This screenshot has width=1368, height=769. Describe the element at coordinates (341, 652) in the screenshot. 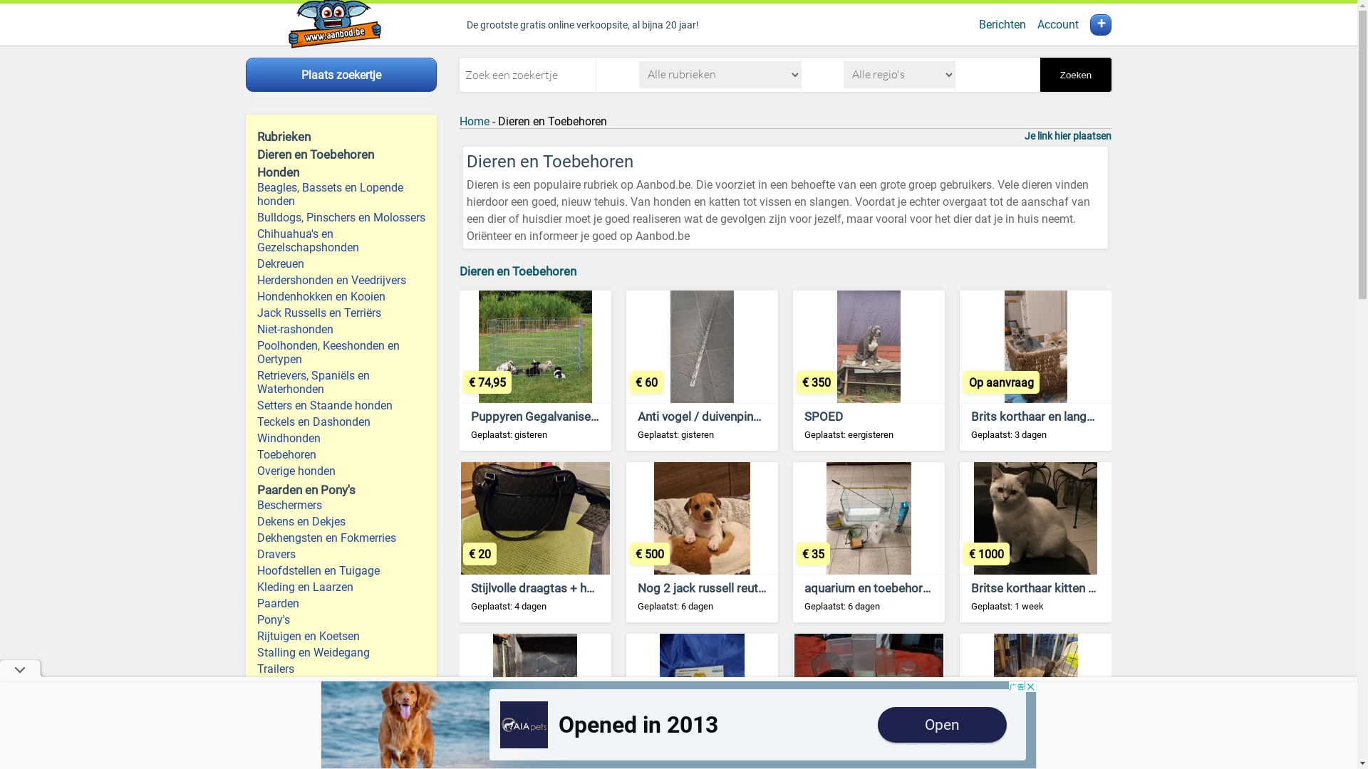

I see `'Stalling en Weidegang'` at that location.